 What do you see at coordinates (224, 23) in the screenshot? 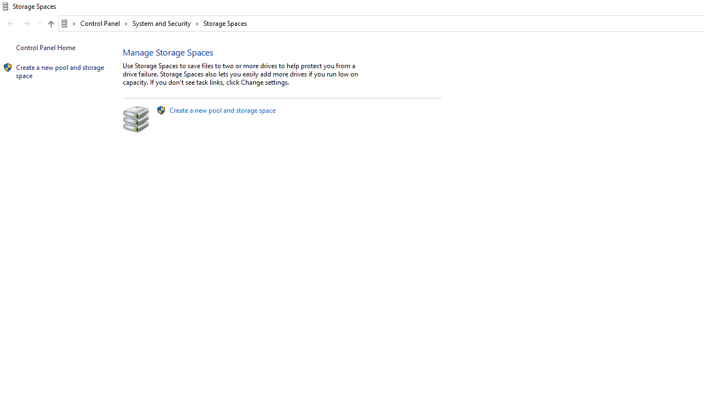
I see `'Storage Spaces'` at bounding box center [224, 23].